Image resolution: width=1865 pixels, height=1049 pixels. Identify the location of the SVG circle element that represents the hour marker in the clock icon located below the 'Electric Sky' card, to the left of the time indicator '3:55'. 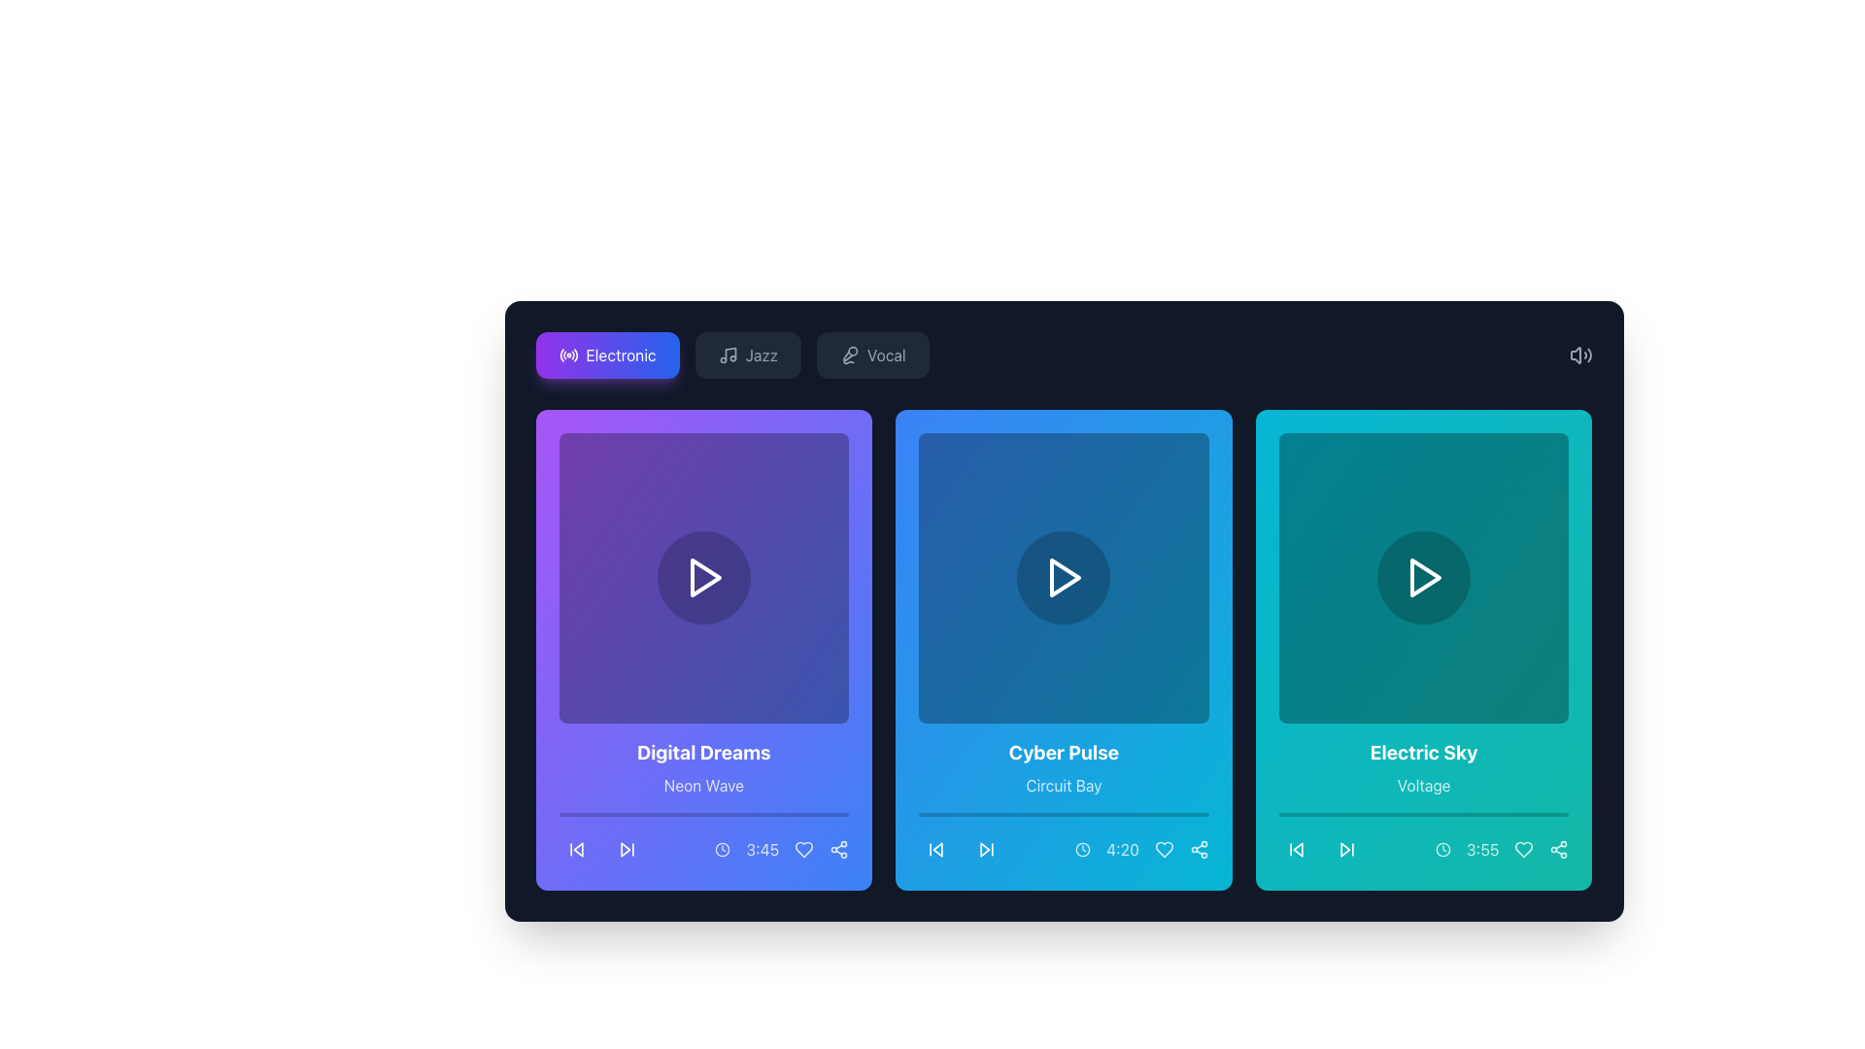
(1442, 848).